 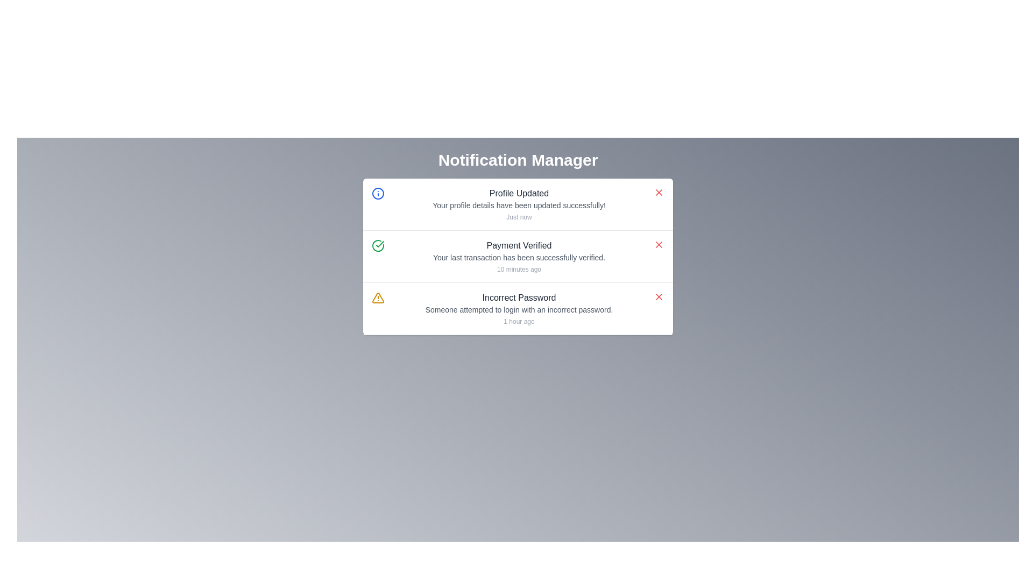 I want to click on the red 'X' close button located at the far right of the notification box that displays the 'Incorrect Password' message, so click(x=658, y=296).